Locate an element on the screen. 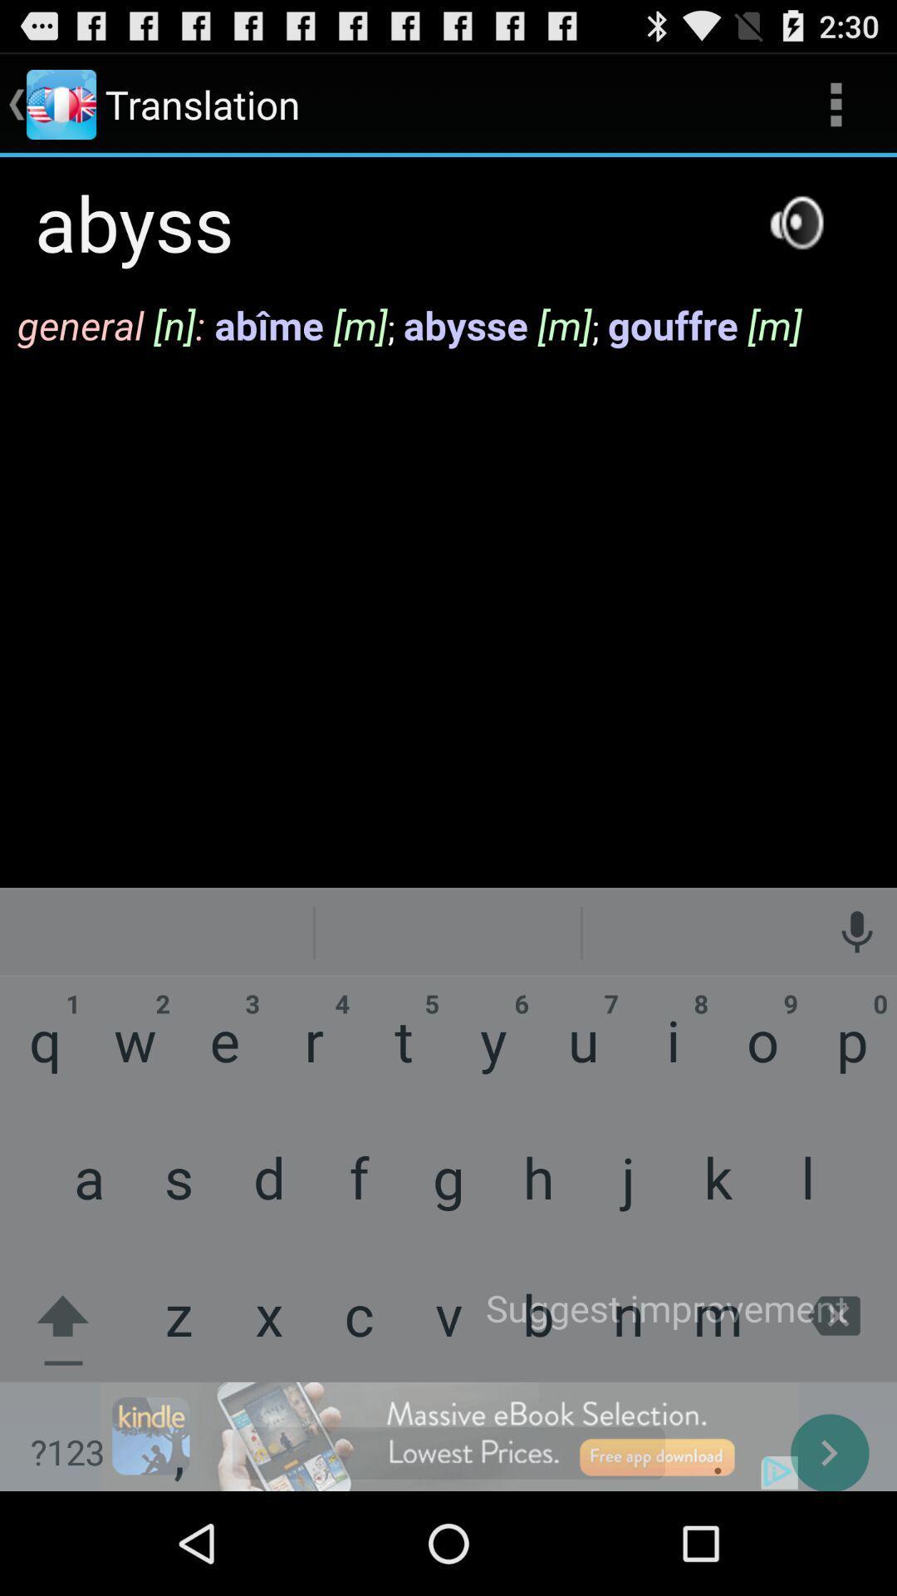  speaker is located at coordinates (796, 221).